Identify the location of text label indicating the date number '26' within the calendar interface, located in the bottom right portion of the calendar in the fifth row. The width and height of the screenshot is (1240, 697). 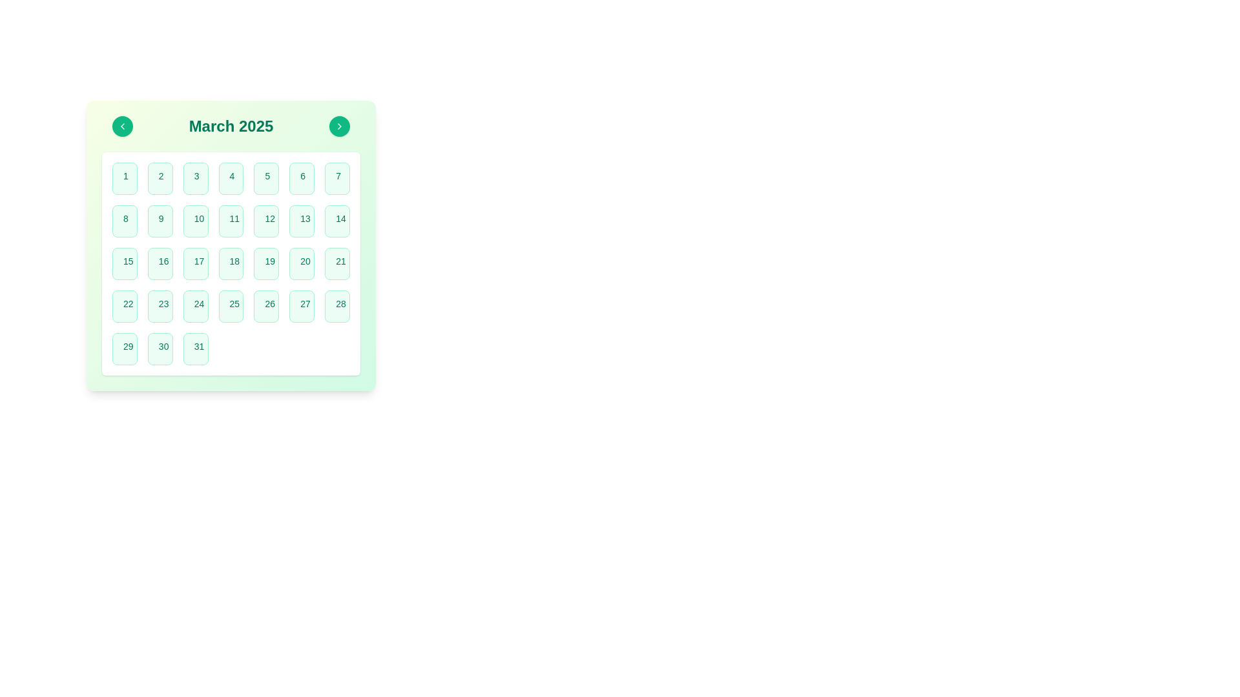
(269, 303).